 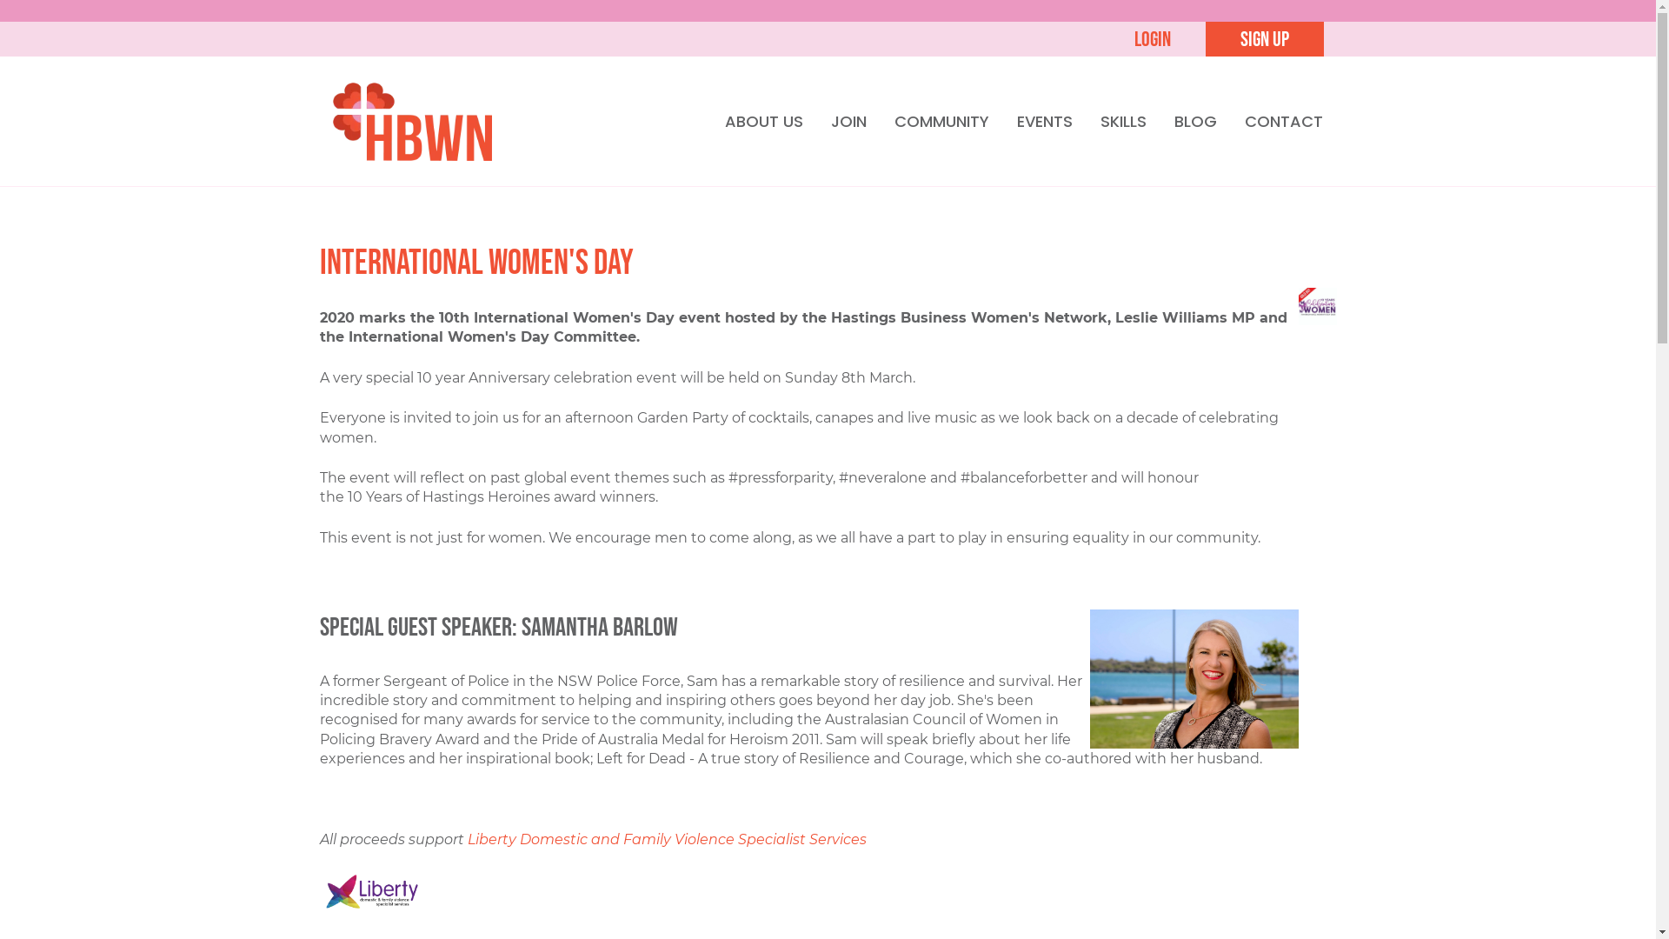 What do you see at coordinates (666, 838) in the screenshot?
I see `'Liberty Domestic and Family Violence Specialist Services'` at bounding box center [666, 838].